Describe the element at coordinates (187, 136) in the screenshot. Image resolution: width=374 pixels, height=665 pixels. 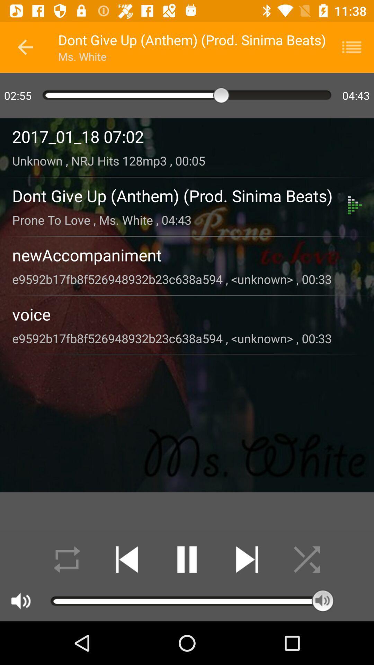
I see `the 2017_01_18 07:02 item` at that location.